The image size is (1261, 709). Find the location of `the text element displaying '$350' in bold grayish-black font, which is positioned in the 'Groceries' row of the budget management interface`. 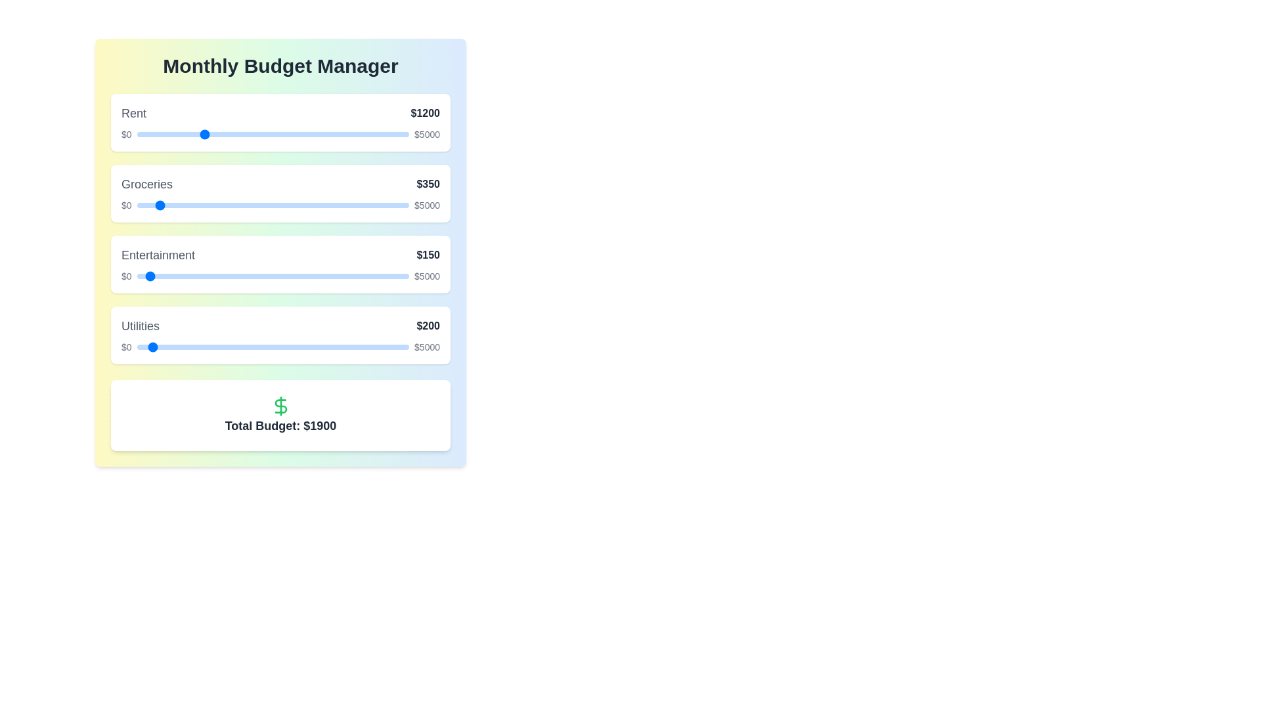

the text element displaying '$350' in bold grayish-black font, which is positioned in the 'Groceries' row of the budget management interface is located at coordinates (428, 184).